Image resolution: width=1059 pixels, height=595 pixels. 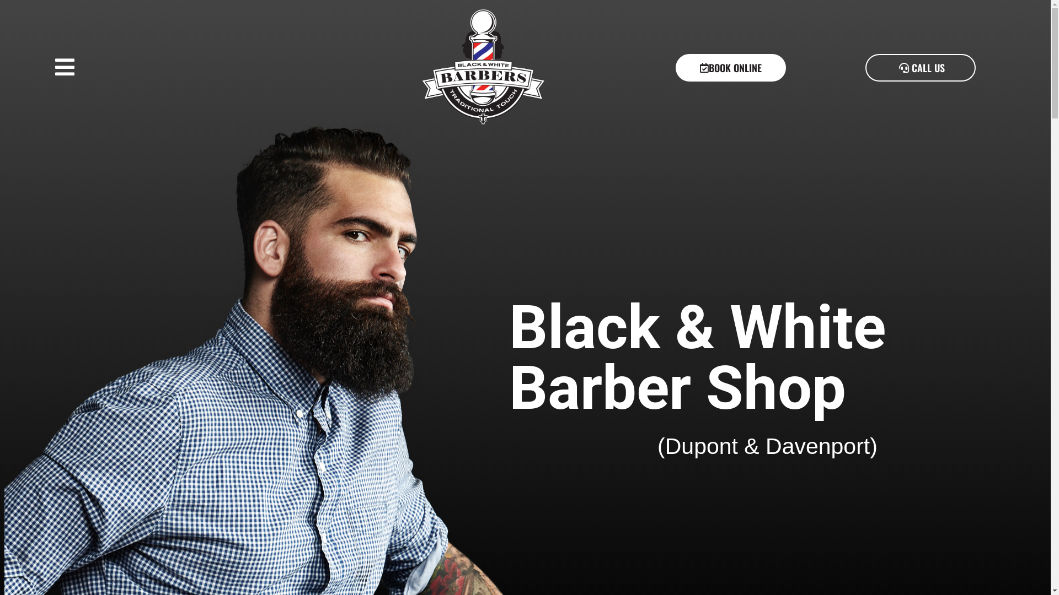 What do you see at coordinates (921, 68) in the screenshot?
I see `'CALL US'` at bounding box center [921, 68].